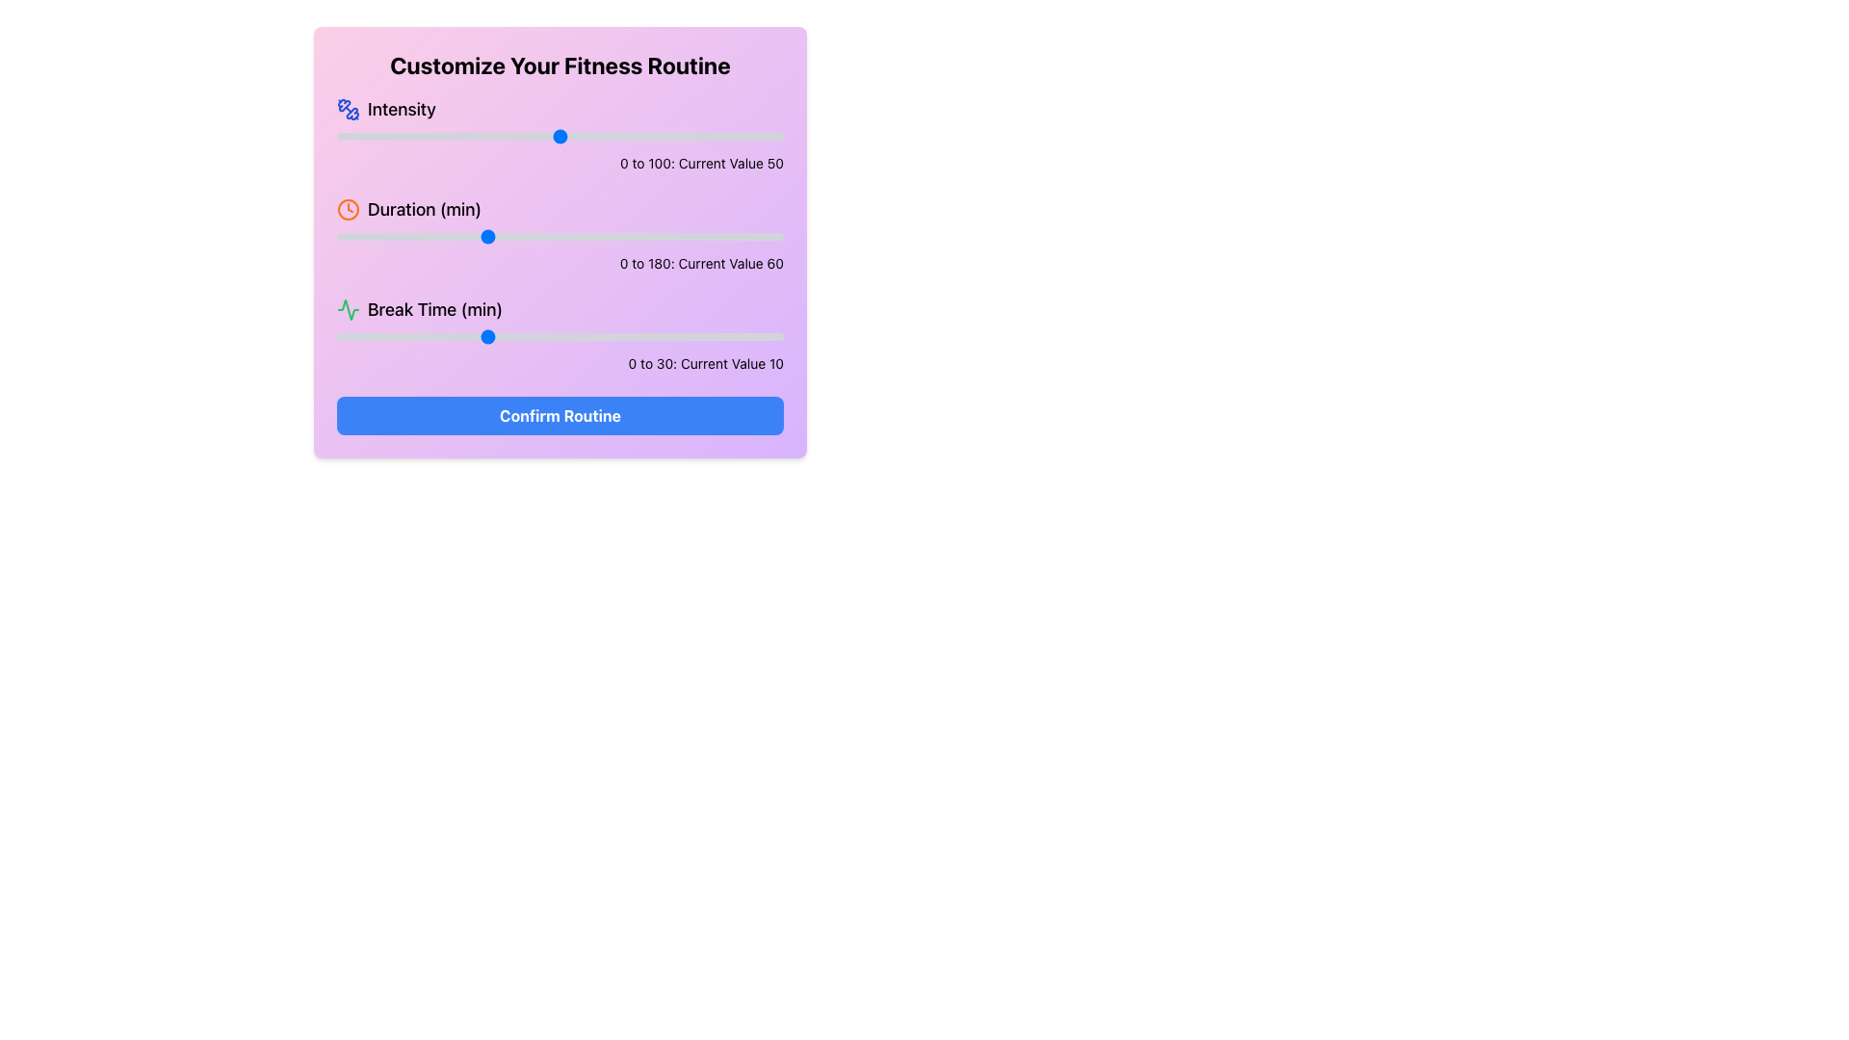 This screenshot has height=1040, width=1849. What do you see at coordinates (559, 65) in the screenshot?
I see `header text element that displays 'Customize Your Fitness Routine', which is a bold, large text label centered at the top of the card interface` at bounding box center [559, 65].